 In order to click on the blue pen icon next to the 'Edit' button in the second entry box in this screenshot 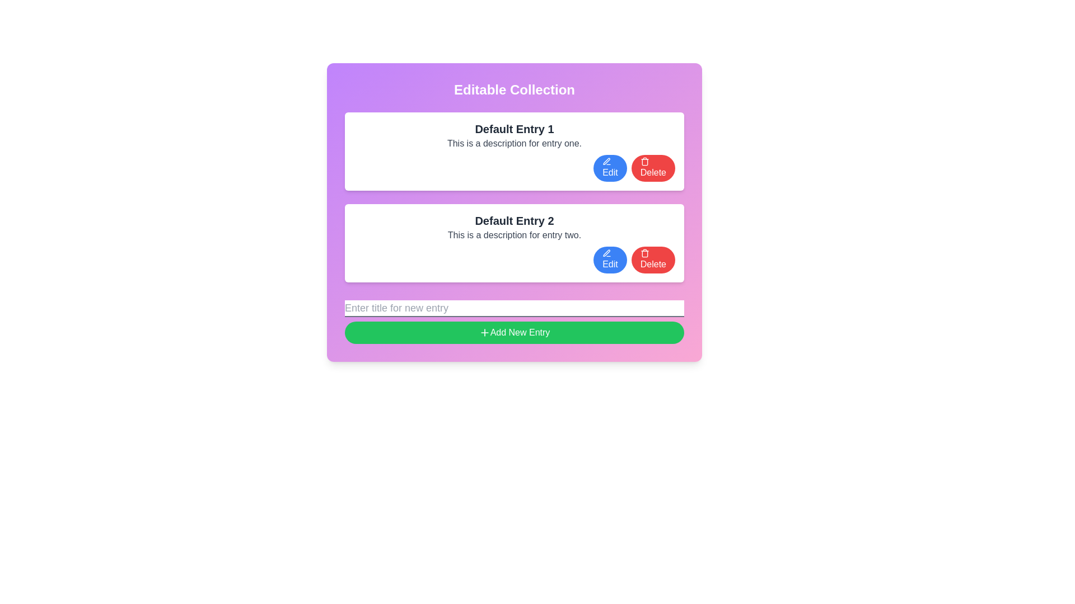, I will do `click(606, 253)`.